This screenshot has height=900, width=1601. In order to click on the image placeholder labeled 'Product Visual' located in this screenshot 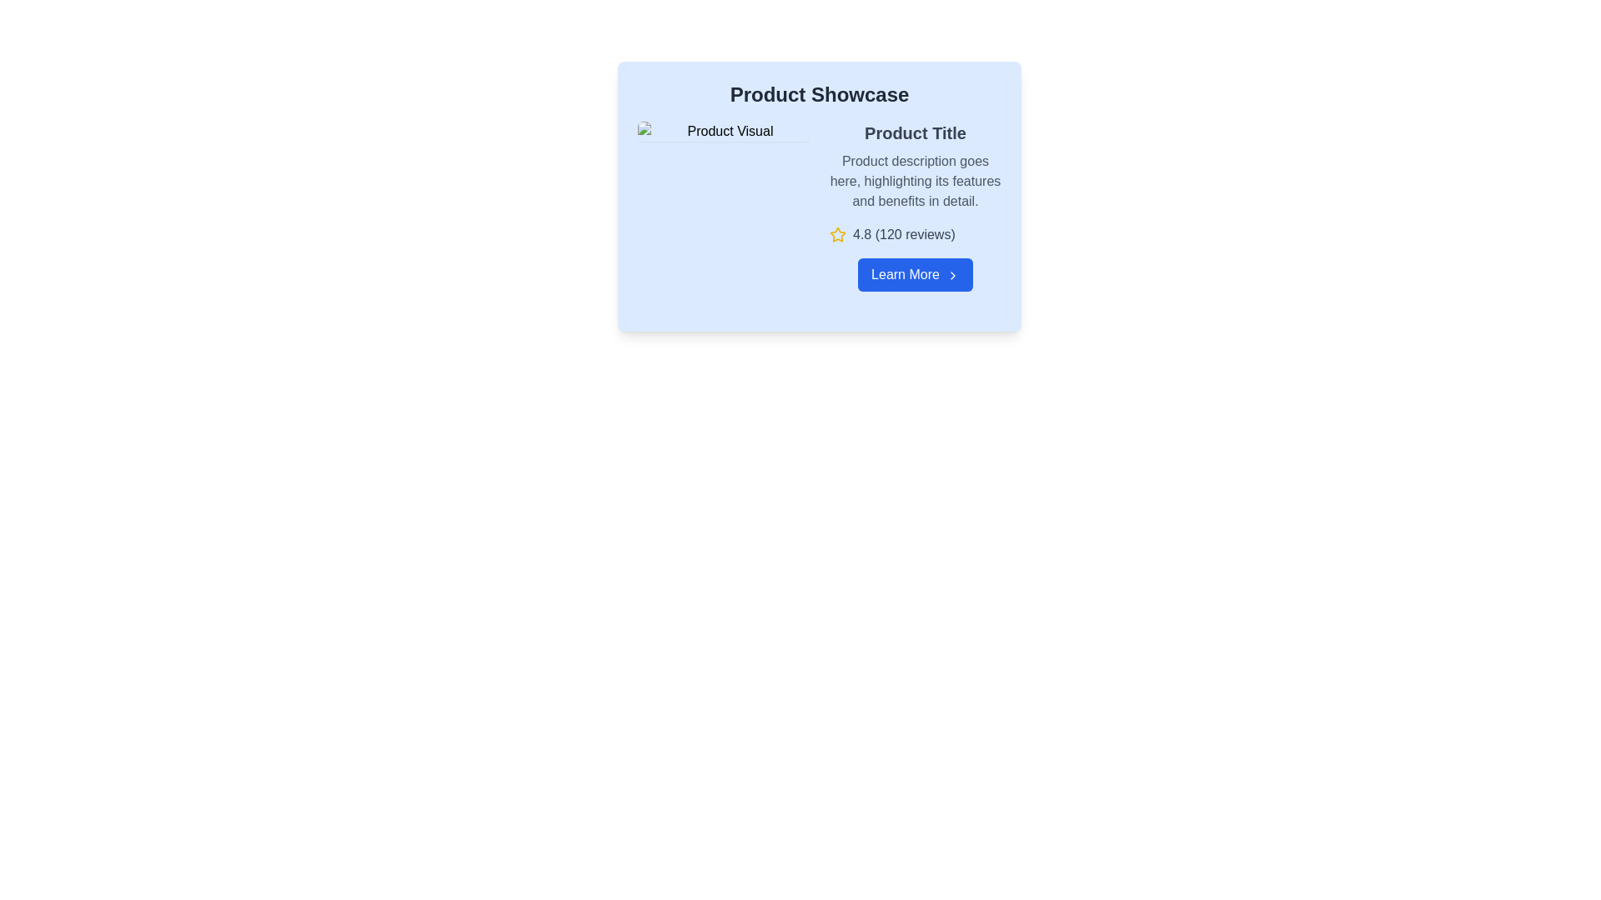, I will do `click(724, 131)`.